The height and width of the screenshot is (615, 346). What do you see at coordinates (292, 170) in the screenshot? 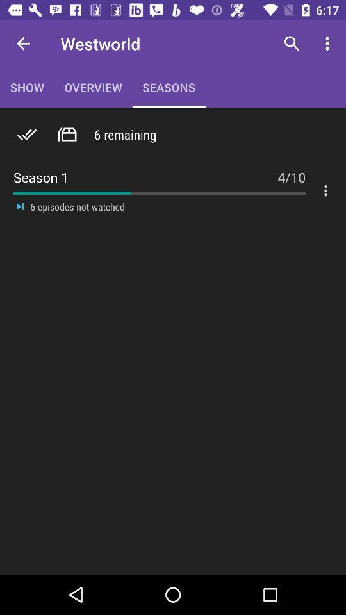
I see `the item next to the season 1 item` at bounding box center [292, 170].